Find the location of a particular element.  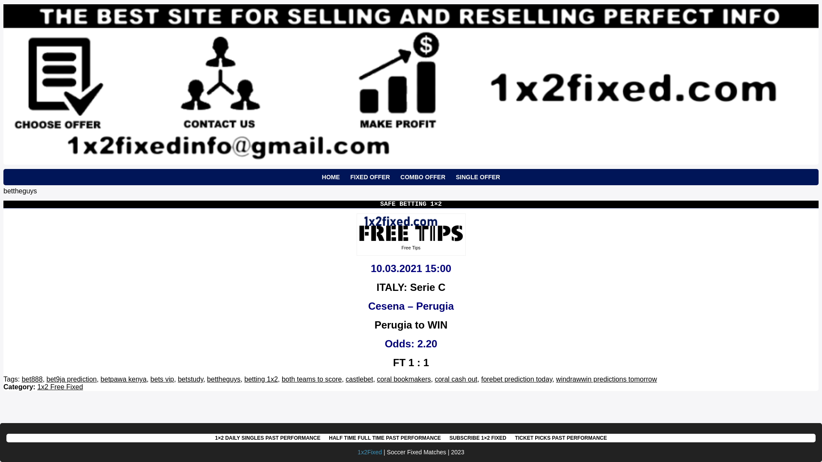

'bets vip' is located at coordinates (162, 379).